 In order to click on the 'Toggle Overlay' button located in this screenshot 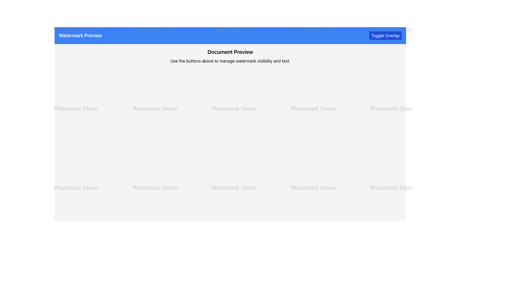, I will do `click(386, 36)`.